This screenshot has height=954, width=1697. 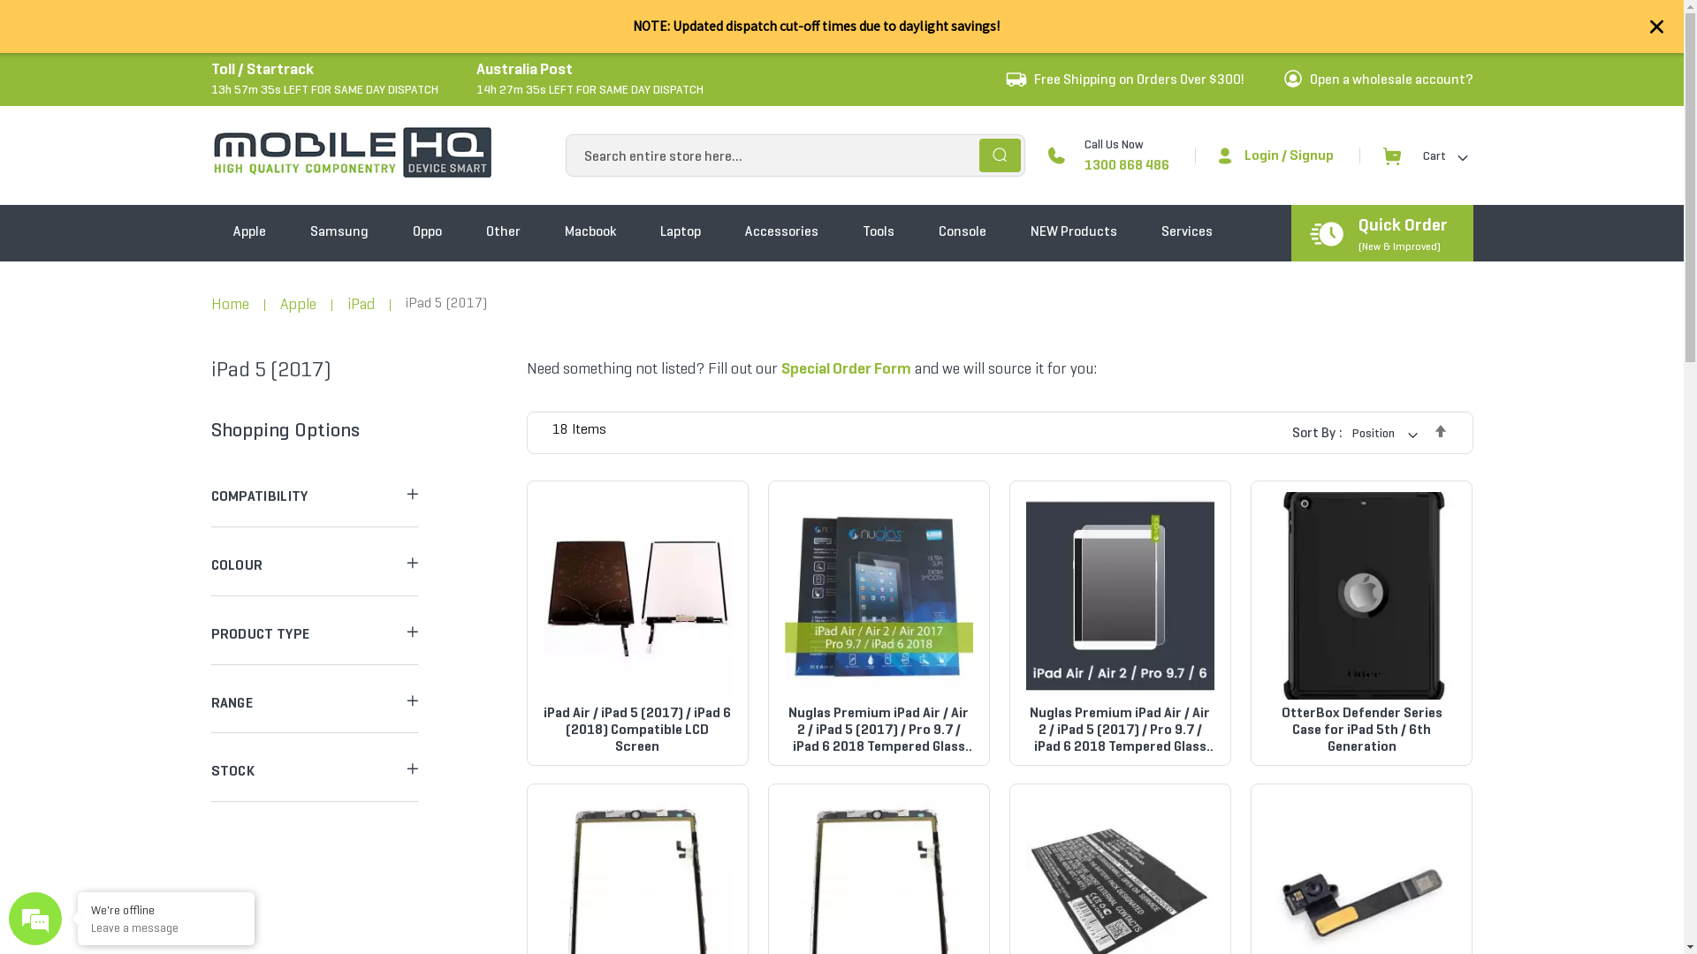 I want to click on 'OtterBox Defender Series Case for iPad 5th / 6th Generation', so click(x=1267, y=729).